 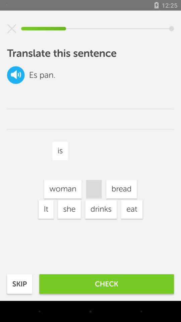 I want to click on the item next to drinks, so click(x=69, y=209).